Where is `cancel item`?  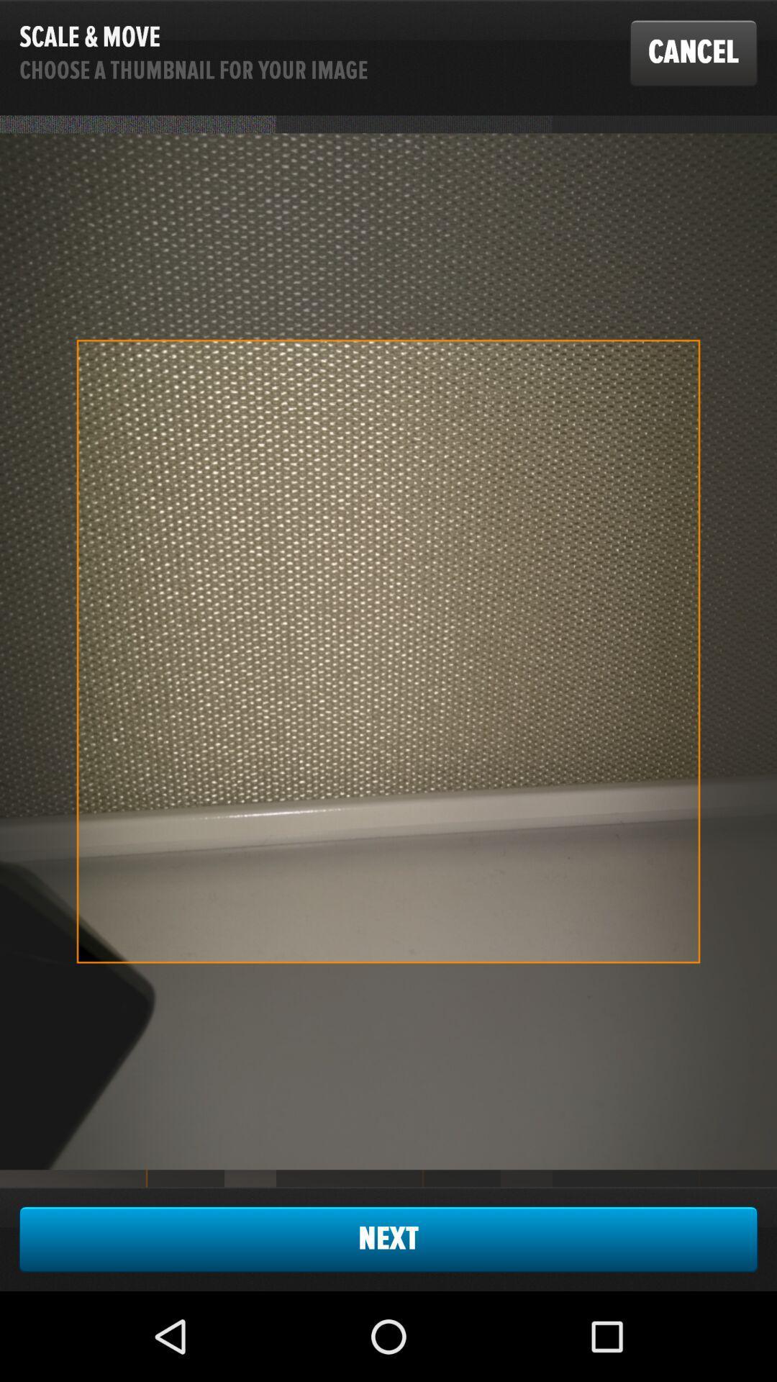
cancel item is located at coordinates (693, 53).